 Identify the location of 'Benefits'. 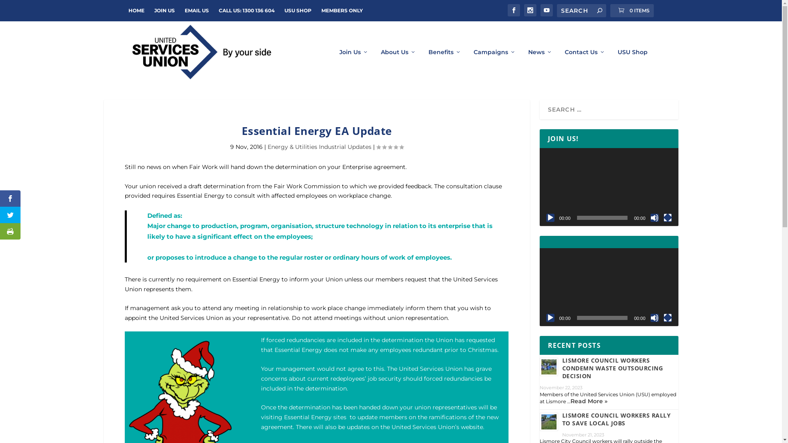
(444, 65).